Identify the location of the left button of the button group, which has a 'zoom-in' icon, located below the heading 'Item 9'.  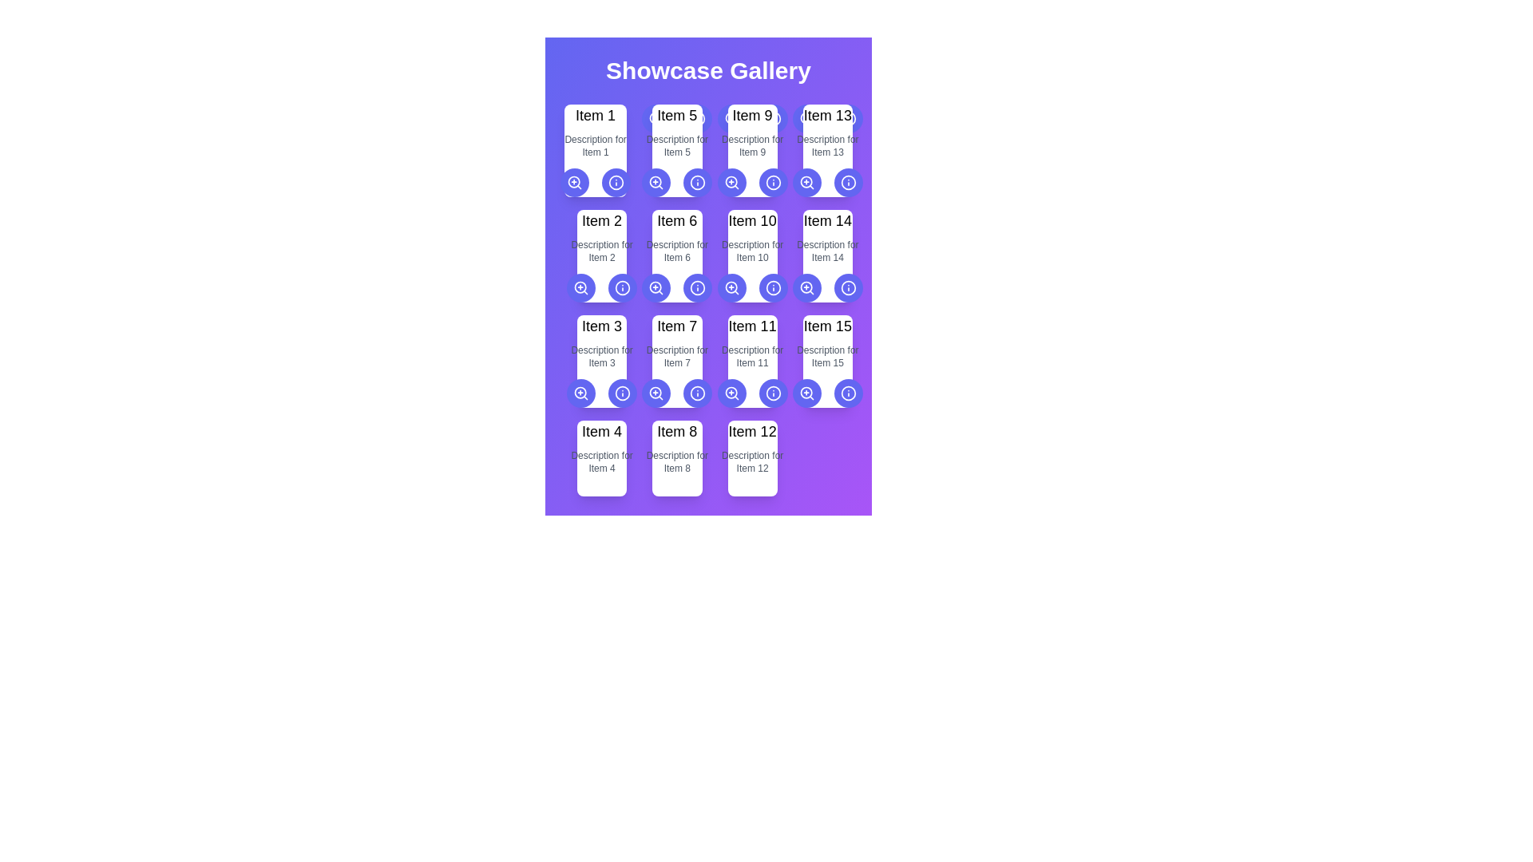
(751, 118).